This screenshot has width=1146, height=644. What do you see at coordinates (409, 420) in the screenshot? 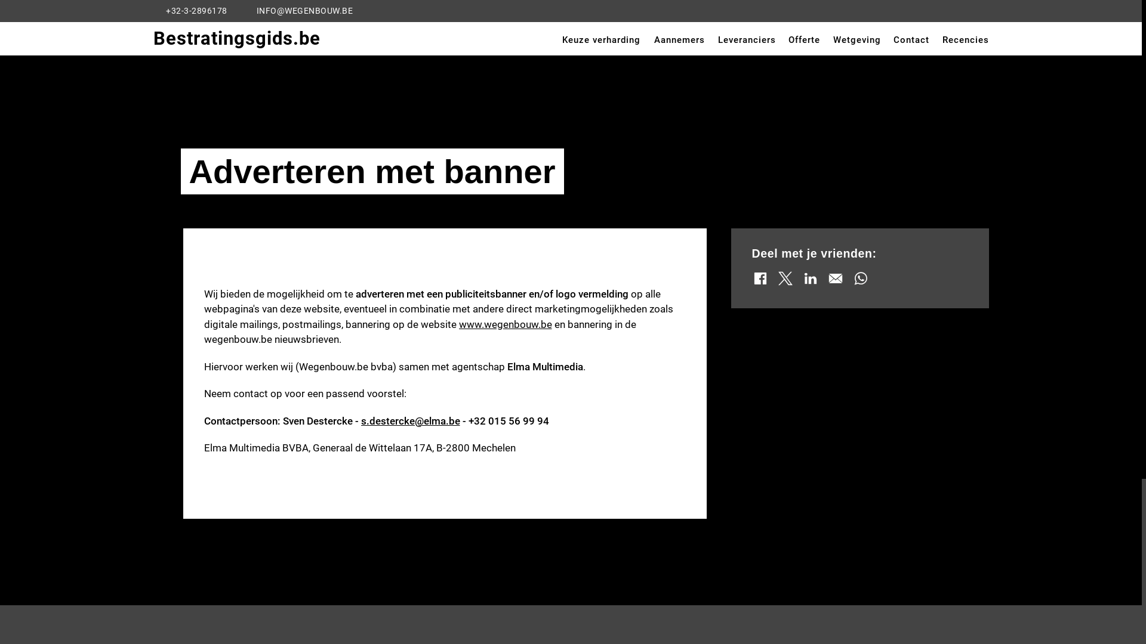
I see `'s.destercke@elma.be'` at bounding box center [409, 420].